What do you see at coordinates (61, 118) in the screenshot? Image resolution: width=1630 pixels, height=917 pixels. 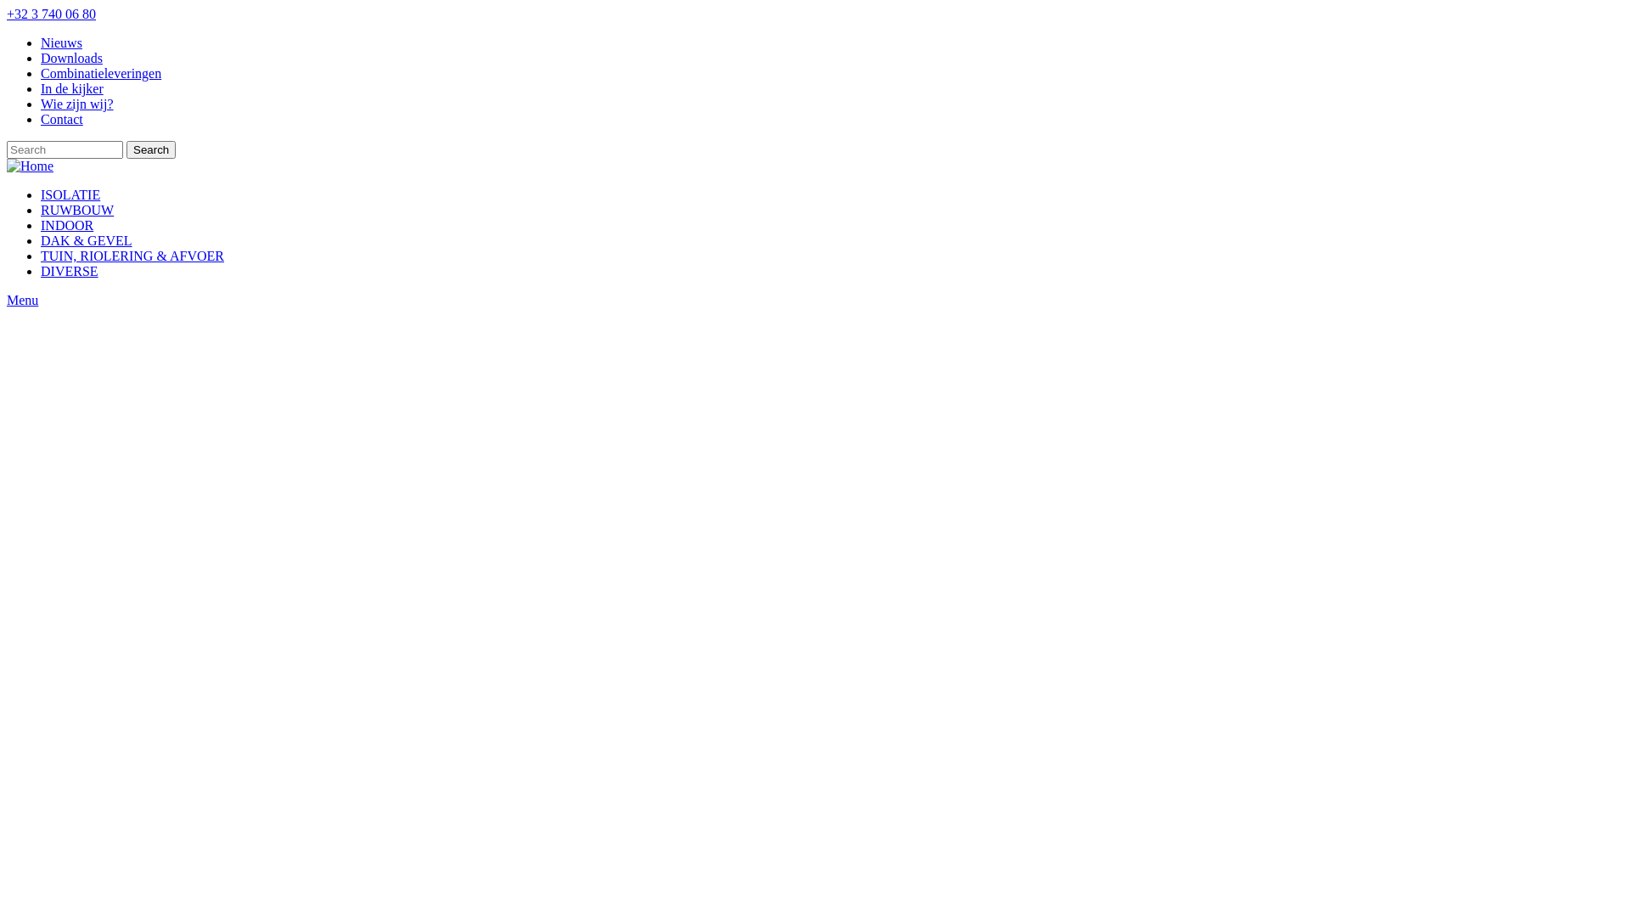 I see `'Contact'` at bounding box center [61, 118].